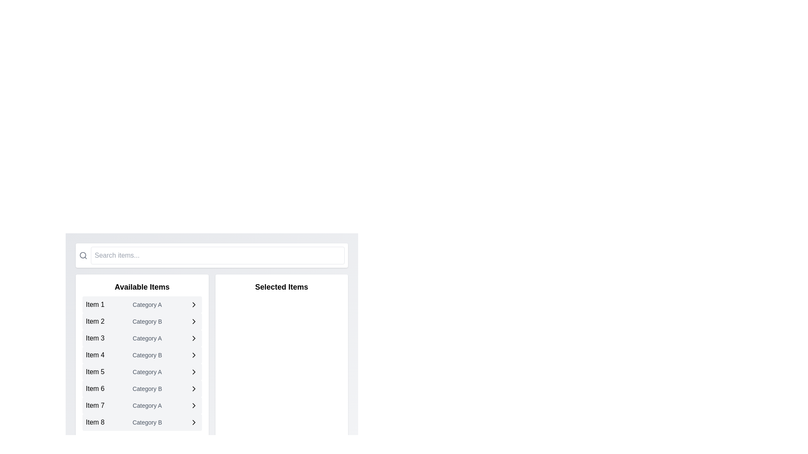 This screenshot has width=808, height=454. I want to click on the label text displaying 'Item 7', so click(95, 405).